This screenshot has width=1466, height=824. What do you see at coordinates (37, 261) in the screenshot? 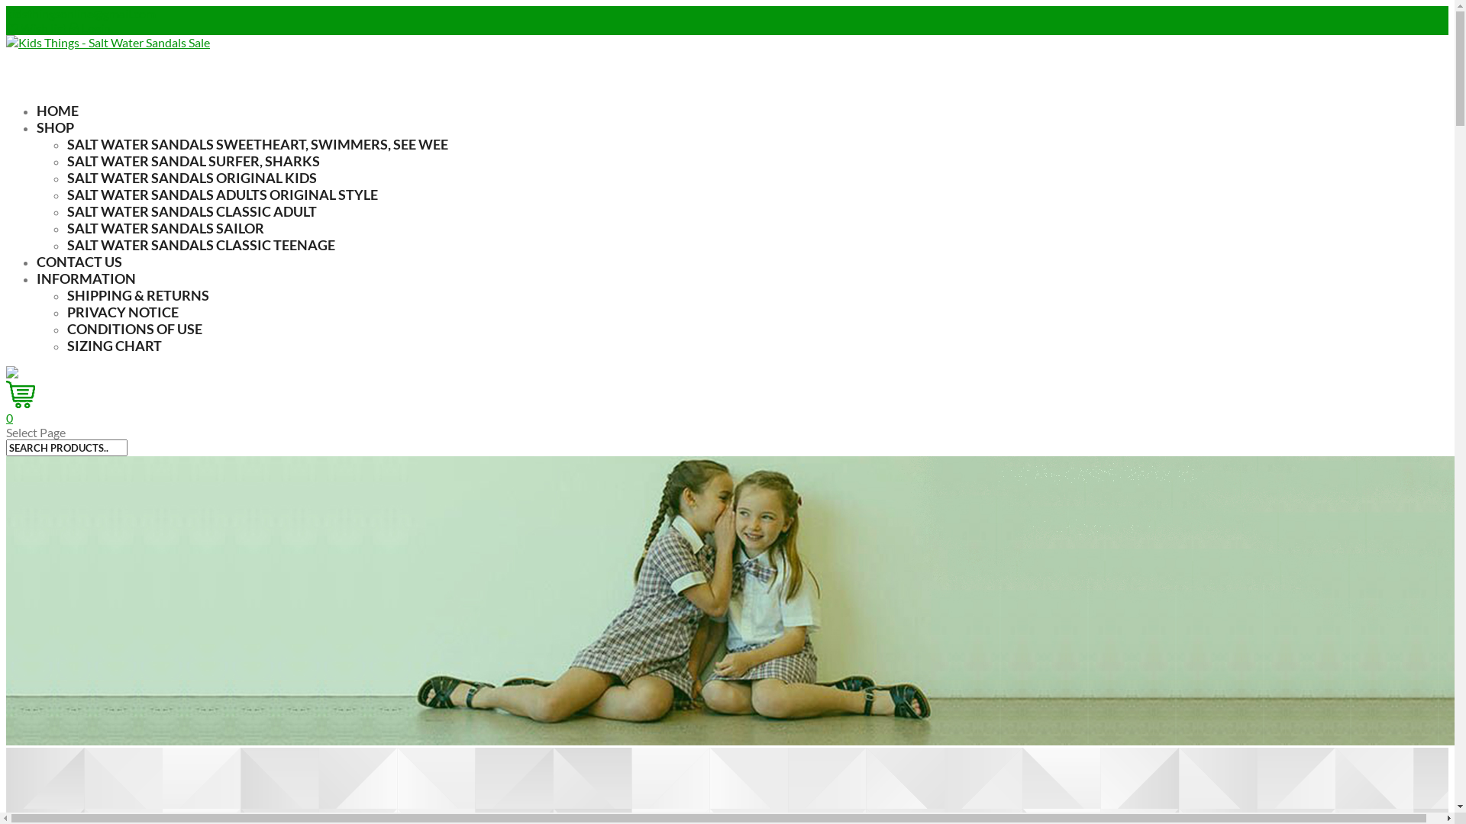
I see `'CONTACT US'` at bounding box center [37, 261].